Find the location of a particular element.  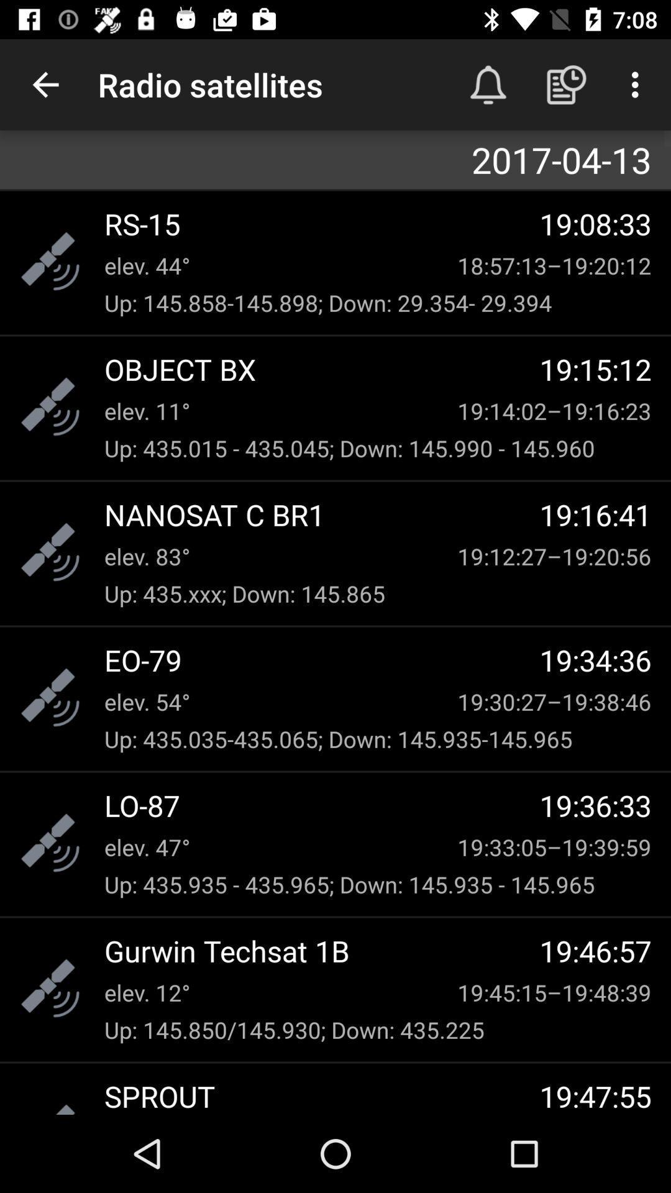

object bx icon is located at coordinates (321, 368).